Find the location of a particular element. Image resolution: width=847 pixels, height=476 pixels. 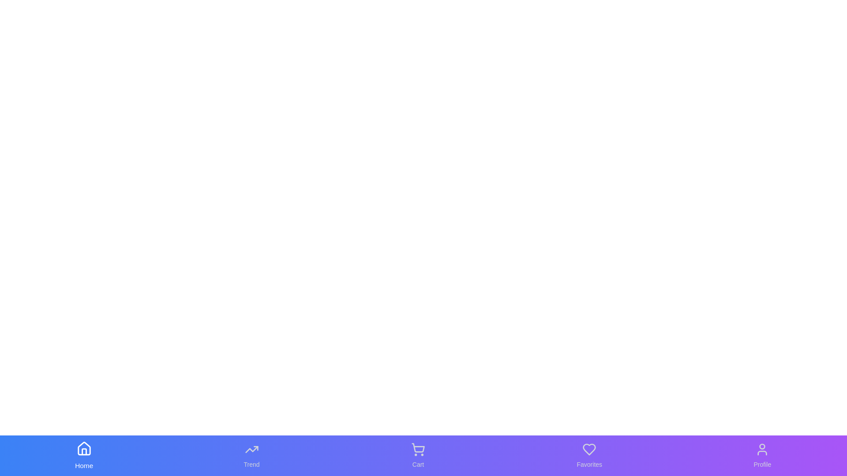

the tab labeled Profile is located at coordinates (762, 455).